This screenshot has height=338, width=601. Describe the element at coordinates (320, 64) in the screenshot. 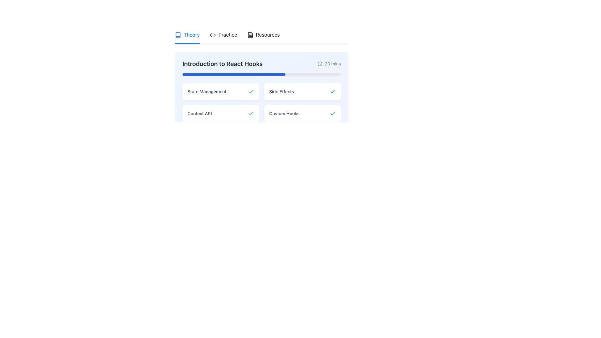

I see `the clock icon located in the top-right corner of the panel for 'Introduction to React Hooks', which indicates a duration of '20 mins'` at that location.